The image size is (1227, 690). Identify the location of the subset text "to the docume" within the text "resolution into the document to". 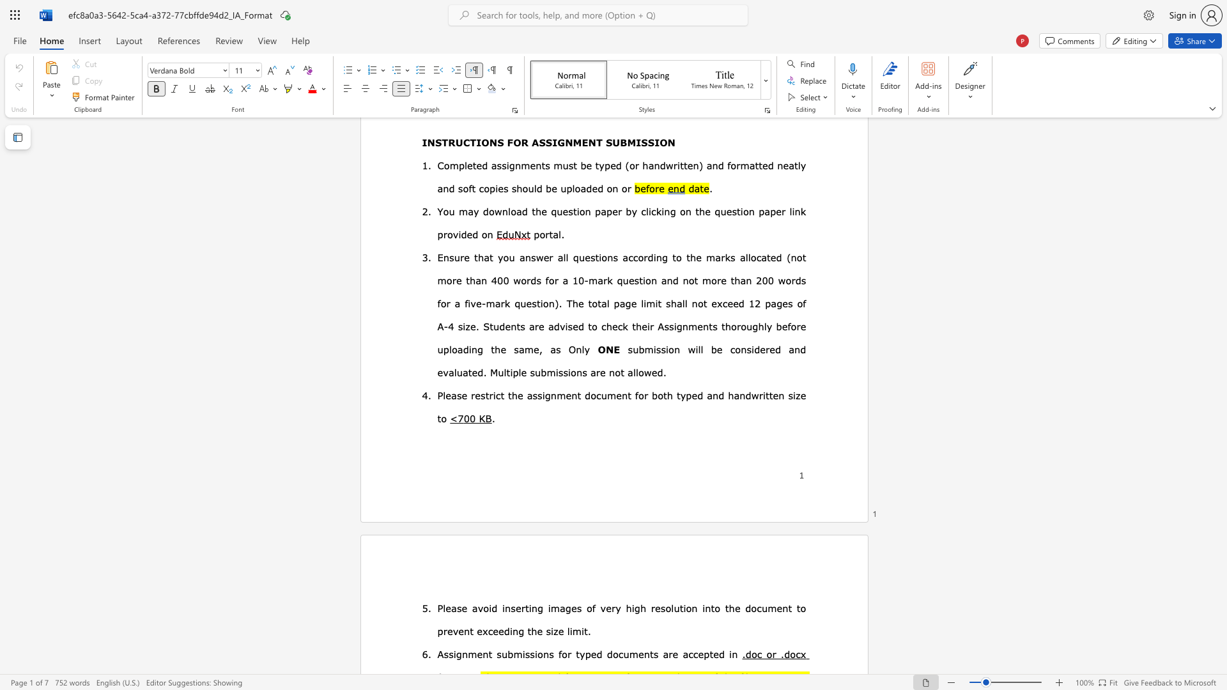
(710, 608).